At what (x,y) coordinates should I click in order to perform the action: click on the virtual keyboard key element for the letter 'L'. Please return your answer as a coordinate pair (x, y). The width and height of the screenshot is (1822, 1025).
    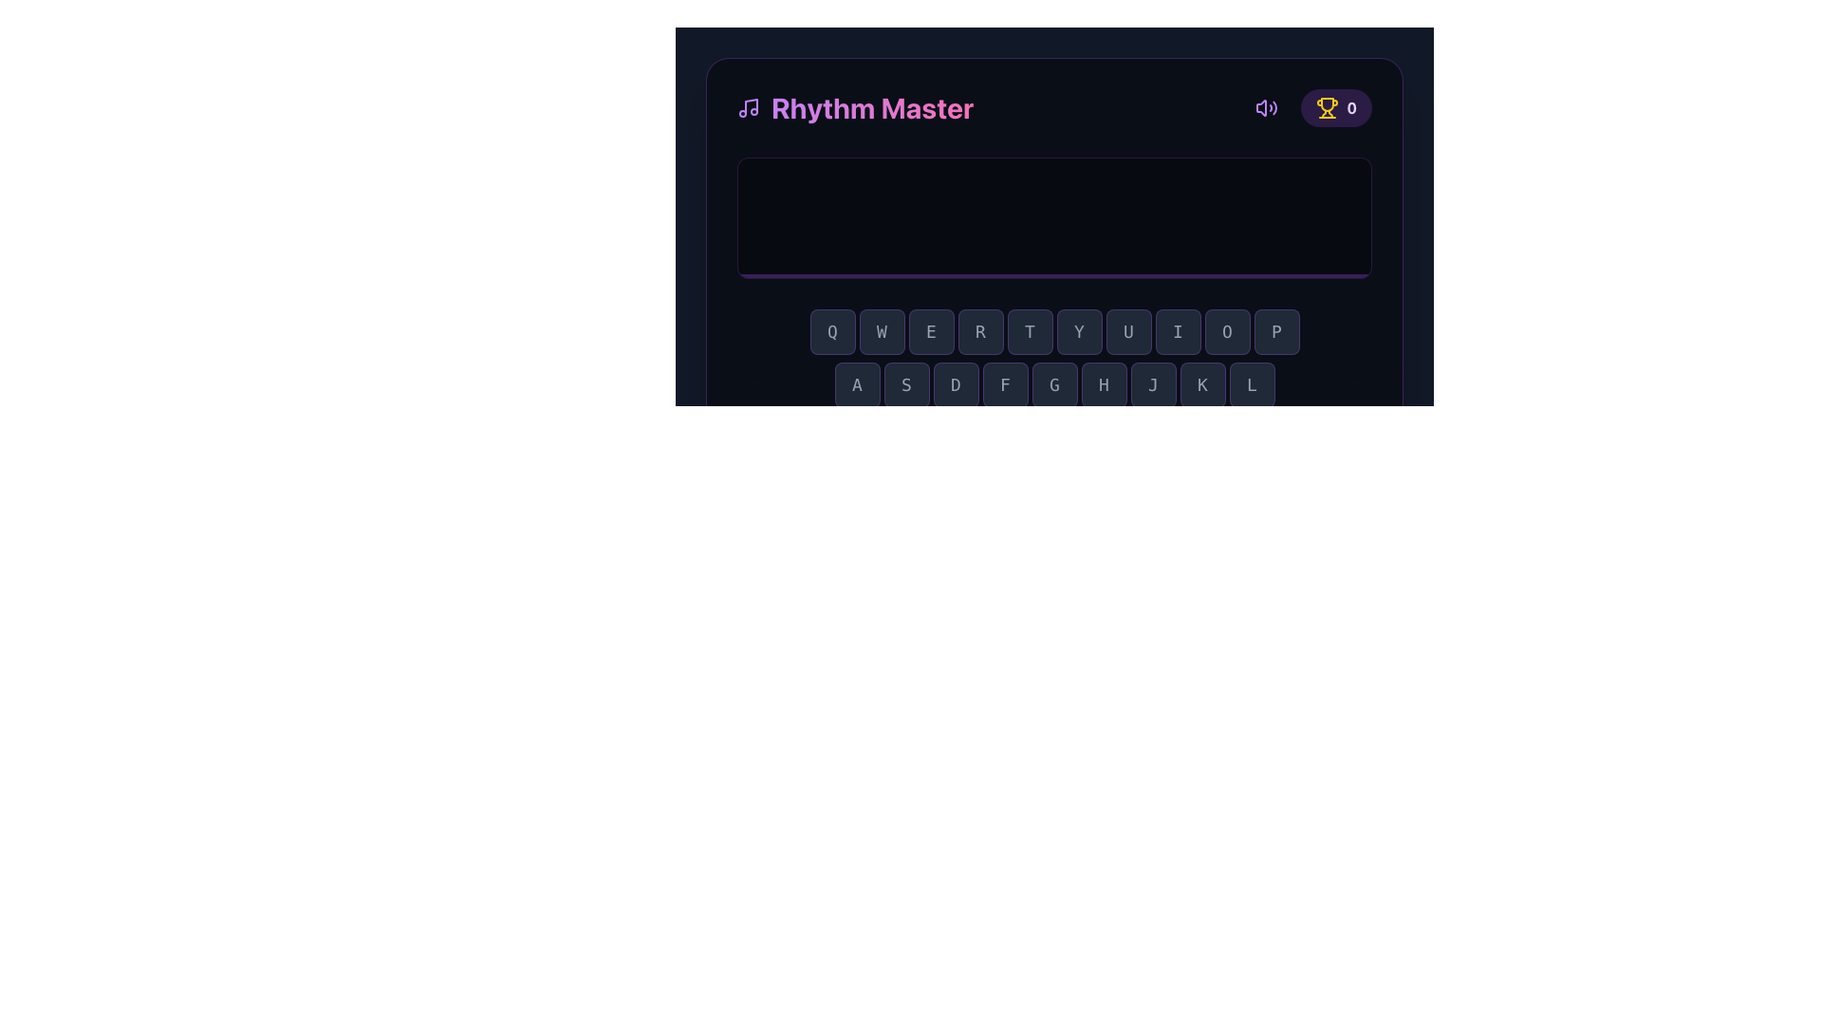
    Looking at the image, I should click on (1252, 384).